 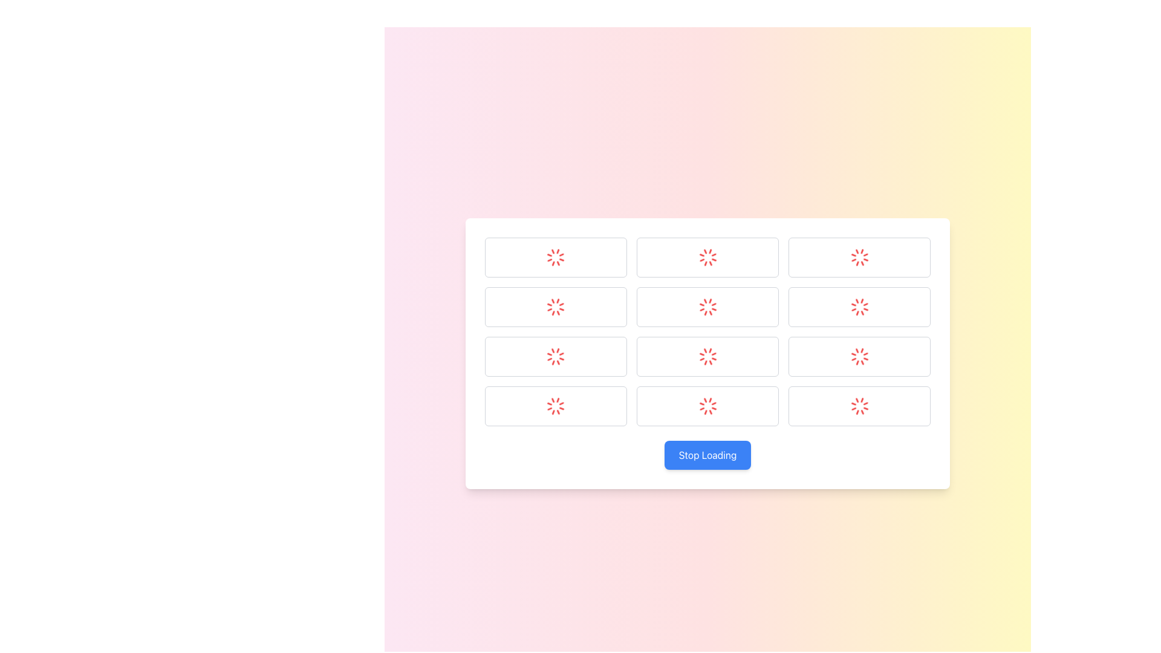 What do you see at coordinates (859, 406) in the screenshot?
I see `the animated spinning effect of the Loader icon located at the bottom-right corner of a 2x2 grid of similar icons` at bounding box center [859, 406].